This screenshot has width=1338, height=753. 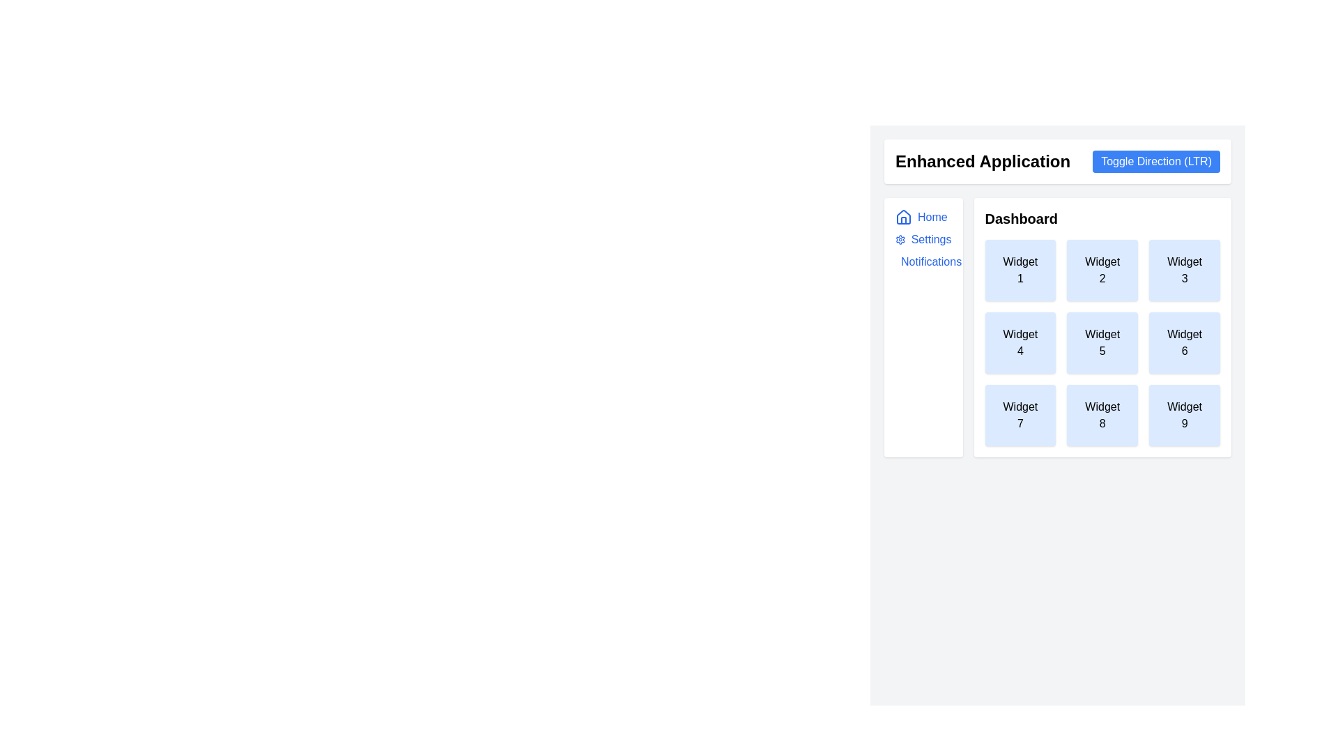 I want to click on the 'Home' navigation link with a blue house-shaped icon, so click(x=923, y=218).